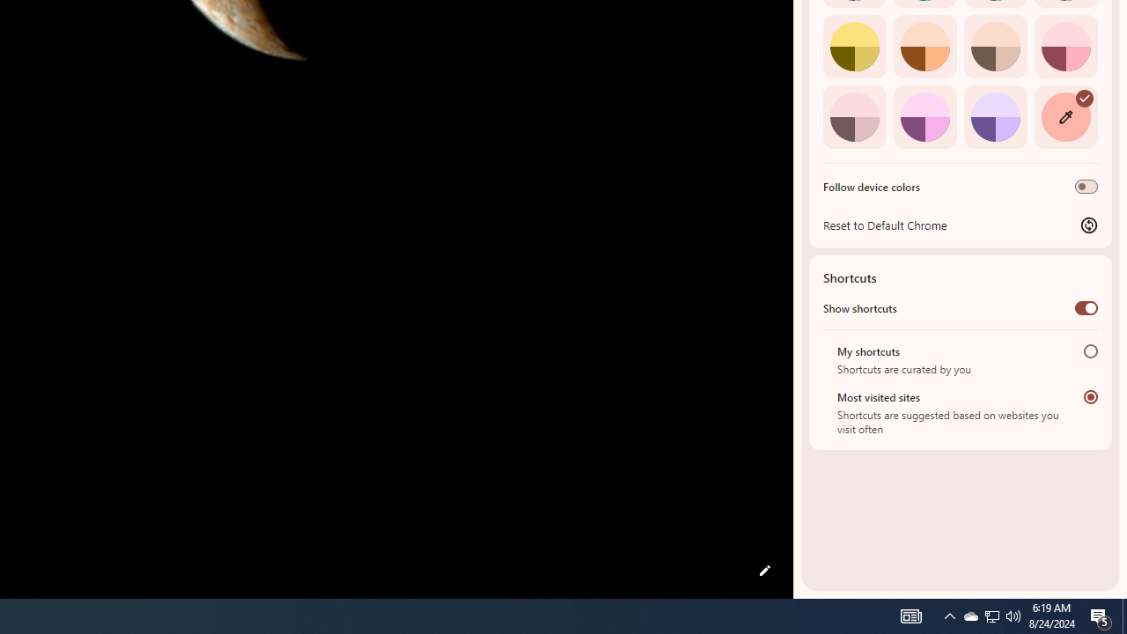 The height and width of the screenshot is (634, 1127). I want to click on 'Rose', so click(1064, 45).